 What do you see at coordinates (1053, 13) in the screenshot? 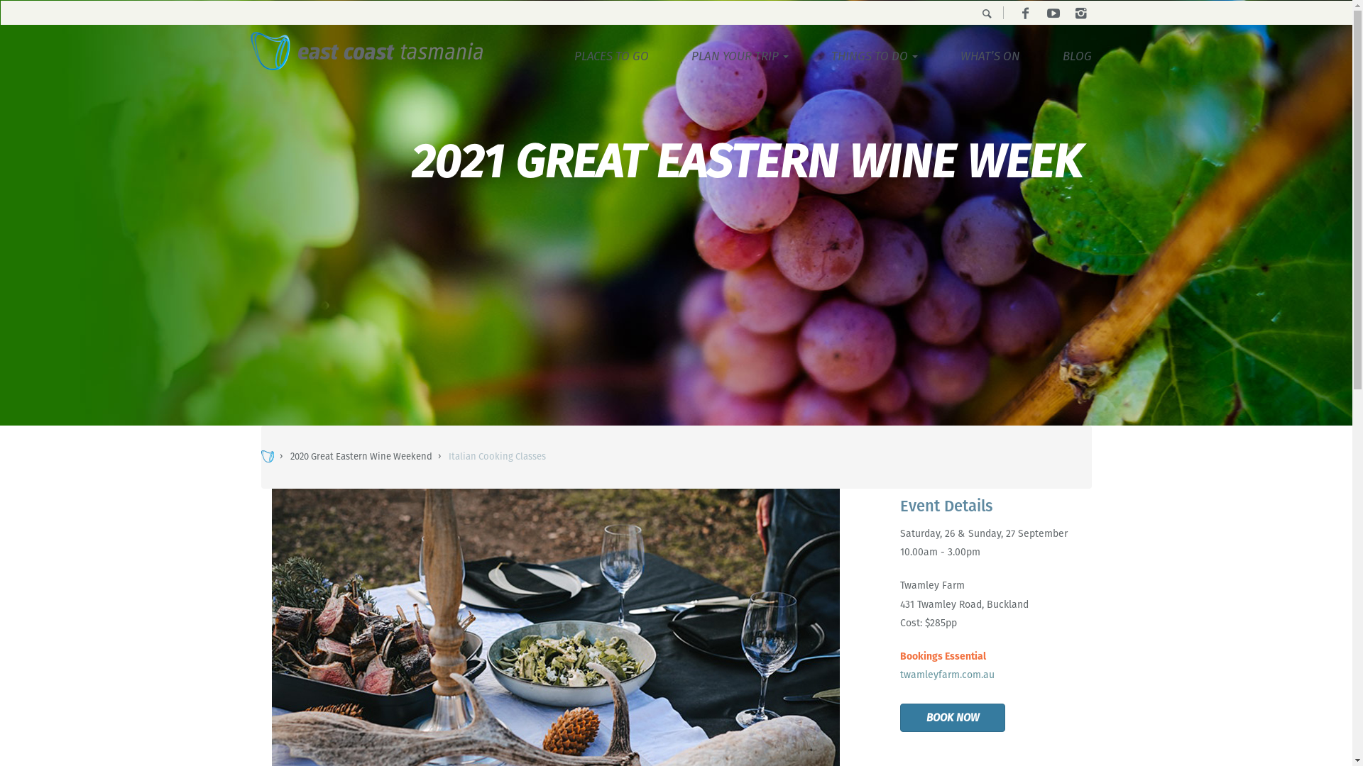
I see `'YOUTUBE'` at bounding box center [1053, 13].